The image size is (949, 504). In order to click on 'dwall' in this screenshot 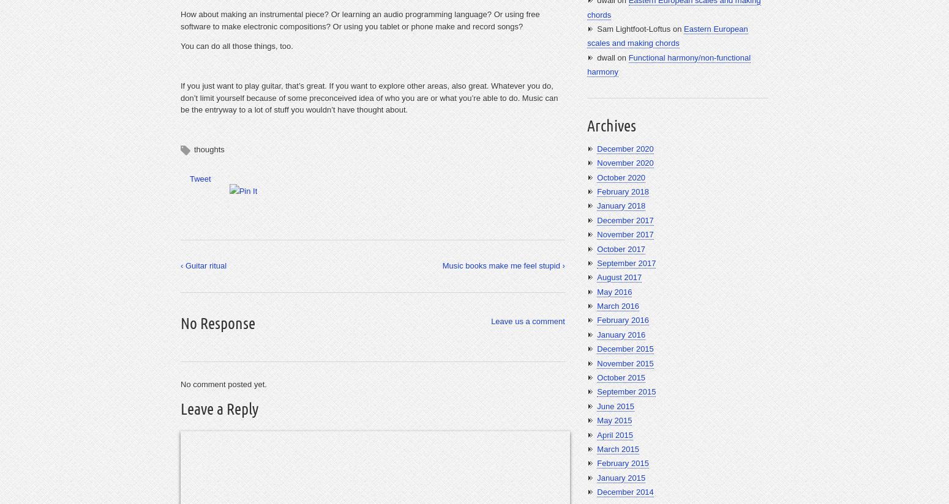, I will do `click(605, 56)`.